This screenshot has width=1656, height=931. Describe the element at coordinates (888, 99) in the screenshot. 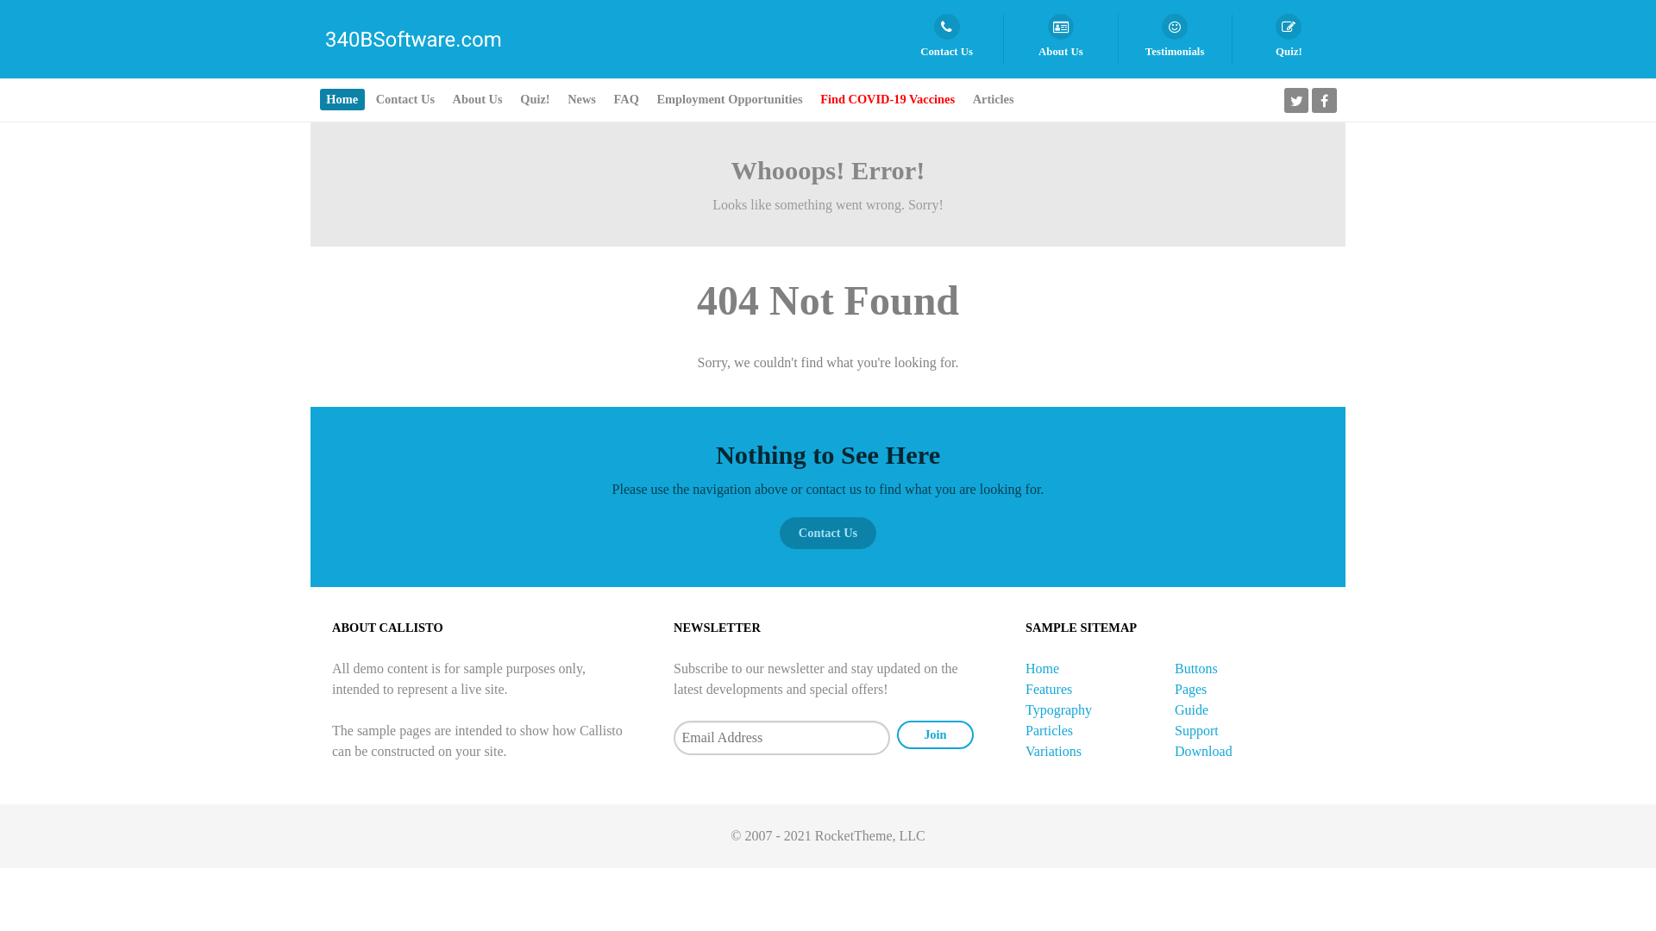

I see `'Find COVID-19 Vaccines'` at that location.